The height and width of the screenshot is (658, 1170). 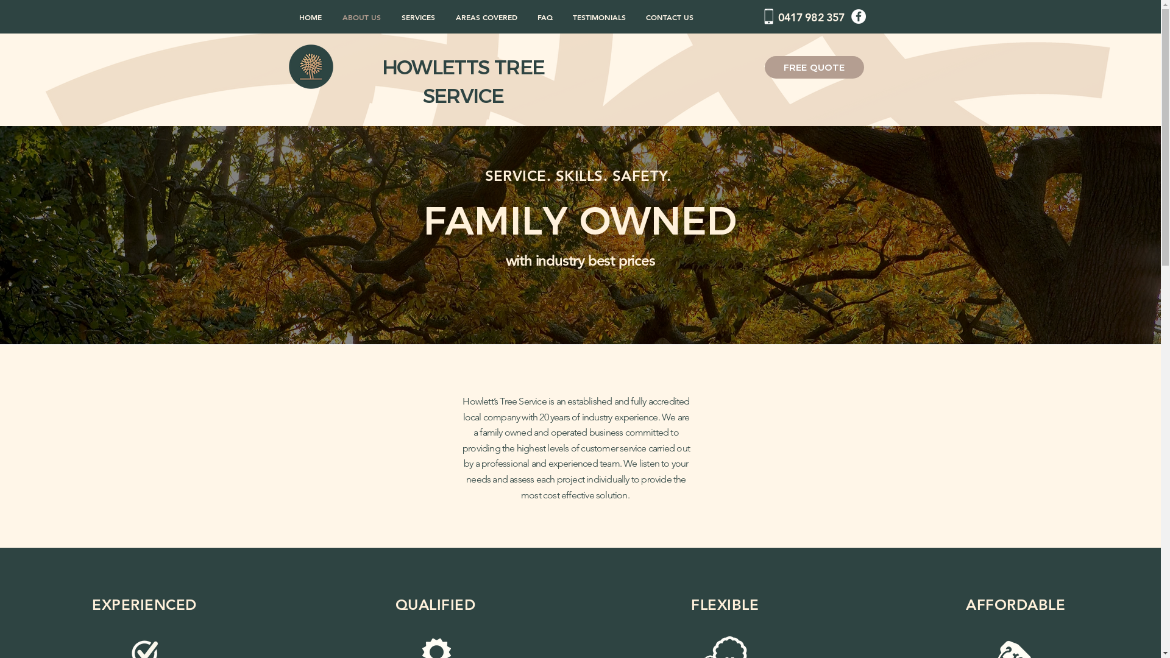 What do you see at coordinates (544, 17) in the screenshot?
I see `'FAQ'` at bounding box center [544, 17].